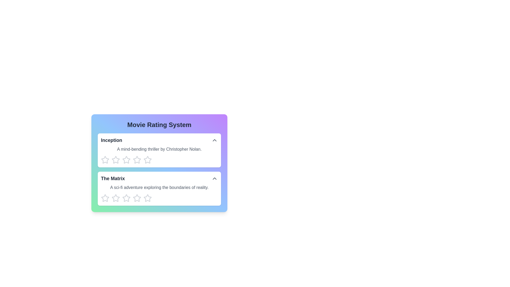  I want to click on static text element that displays 'A sci-fi adventure exploring the boundaries of reality.' located below the title 'The Matrix' in the movie rating system interface, so click(159, 187).